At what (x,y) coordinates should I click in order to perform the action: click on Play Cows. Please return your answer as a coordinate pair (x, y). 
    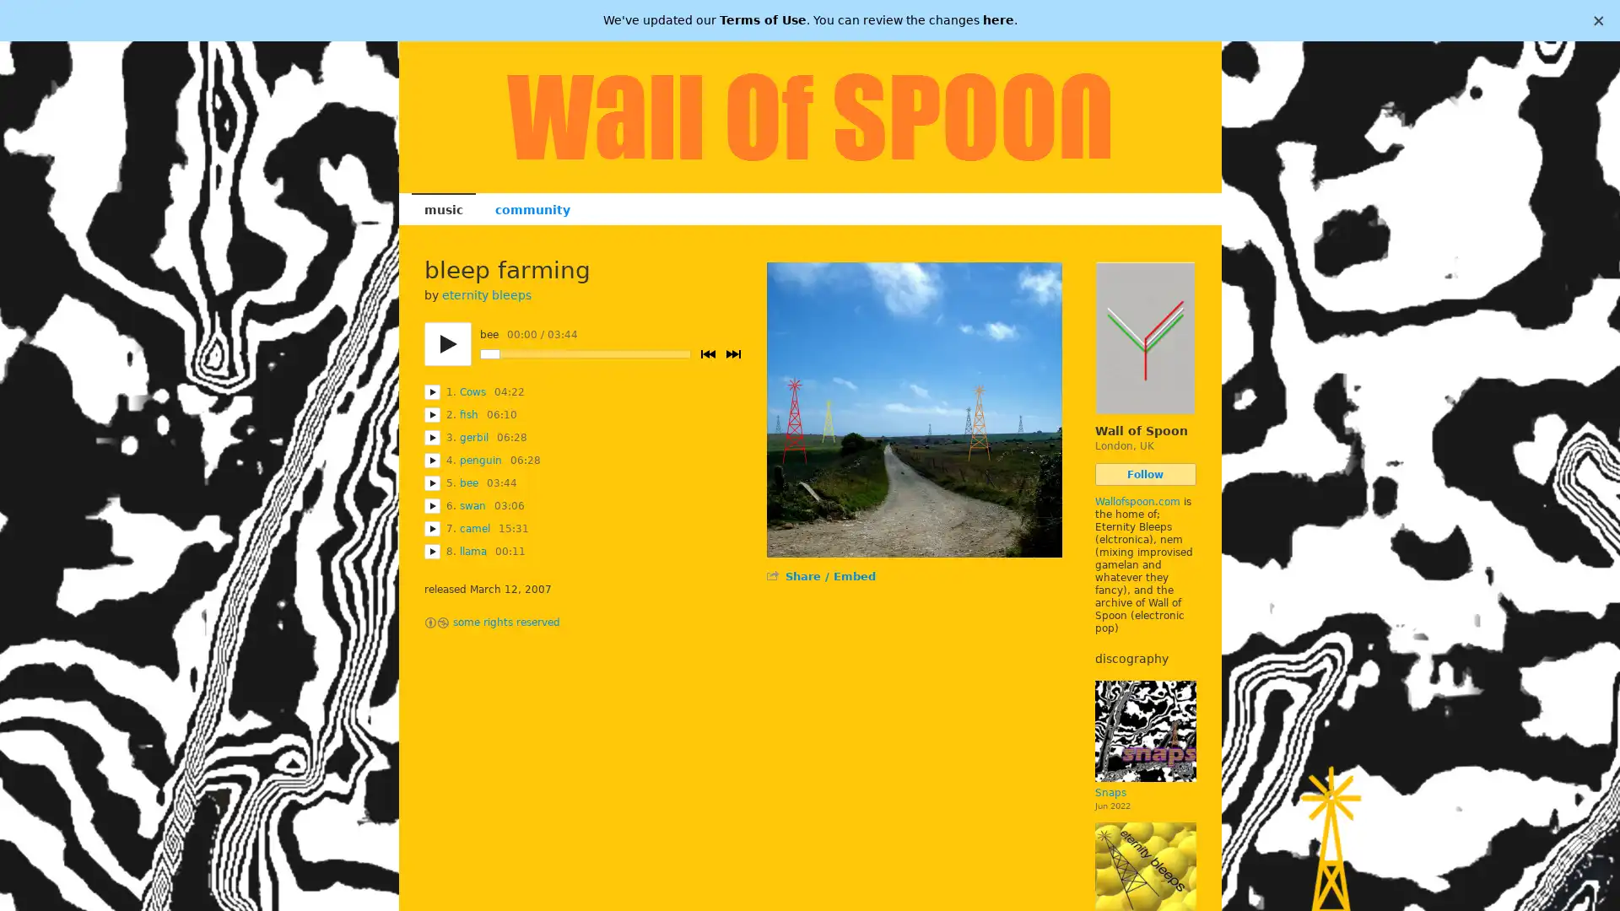
    Looking at the image, I should click on (431, 392).